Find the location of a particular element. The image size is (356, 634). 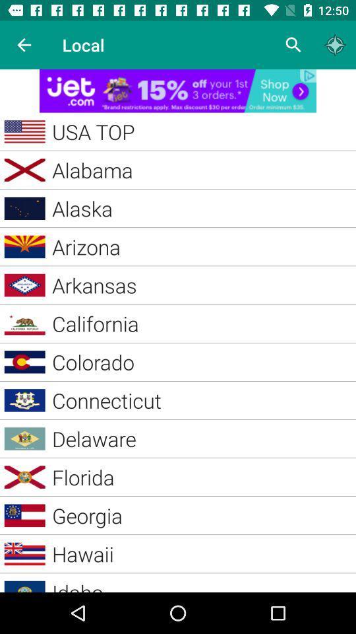

the image left side of florida is located at coordinates (25, 476).